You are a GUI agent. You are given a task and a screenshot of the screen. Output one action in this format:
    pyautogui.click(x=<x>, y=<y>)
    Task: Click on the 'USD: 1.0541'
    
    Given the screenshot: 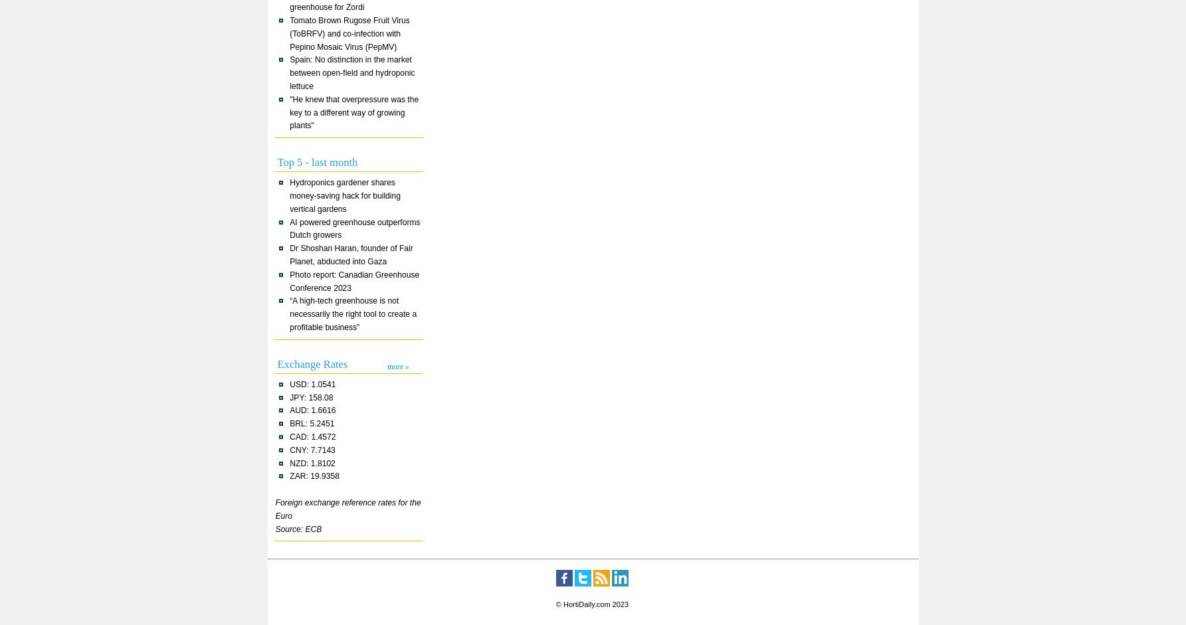 What is the action you would take?
    pyautogui.click(x=312, y=383)
    